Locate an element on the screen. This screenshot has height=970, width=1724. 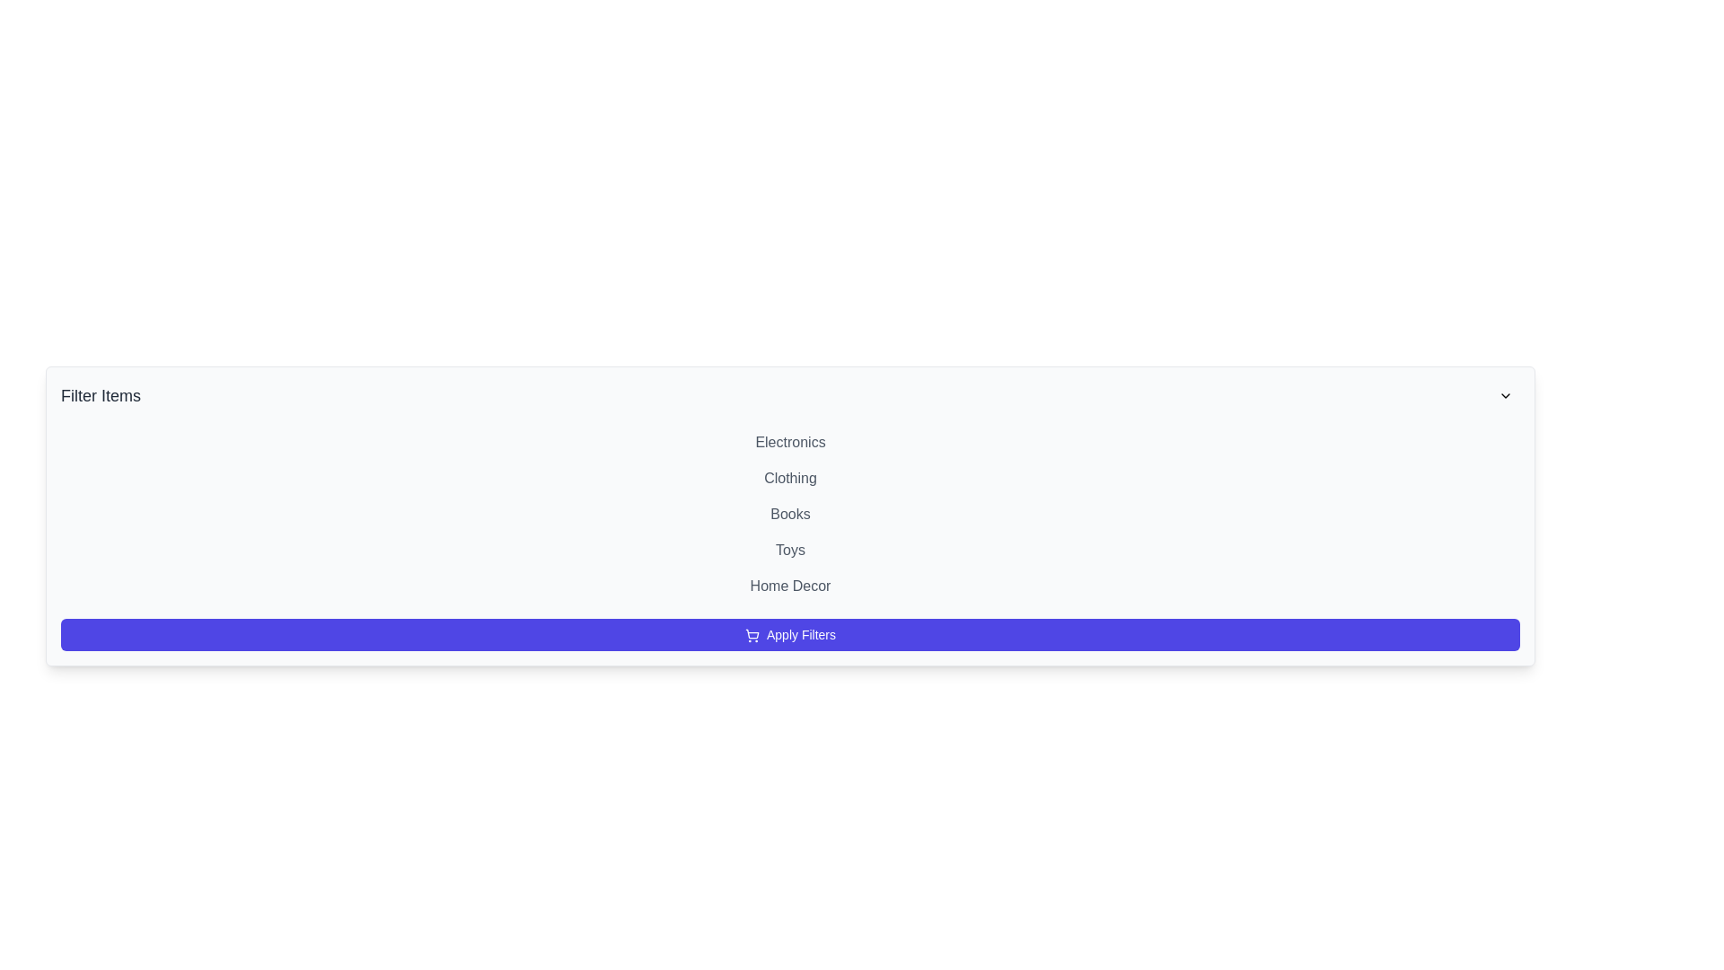
the shopping cart icon, which is a line-drawn illustration with a rectangular base and two circular wheels, located to the left of the 'Apply Filters' text within a purple button is located at coordinates (752, 635).